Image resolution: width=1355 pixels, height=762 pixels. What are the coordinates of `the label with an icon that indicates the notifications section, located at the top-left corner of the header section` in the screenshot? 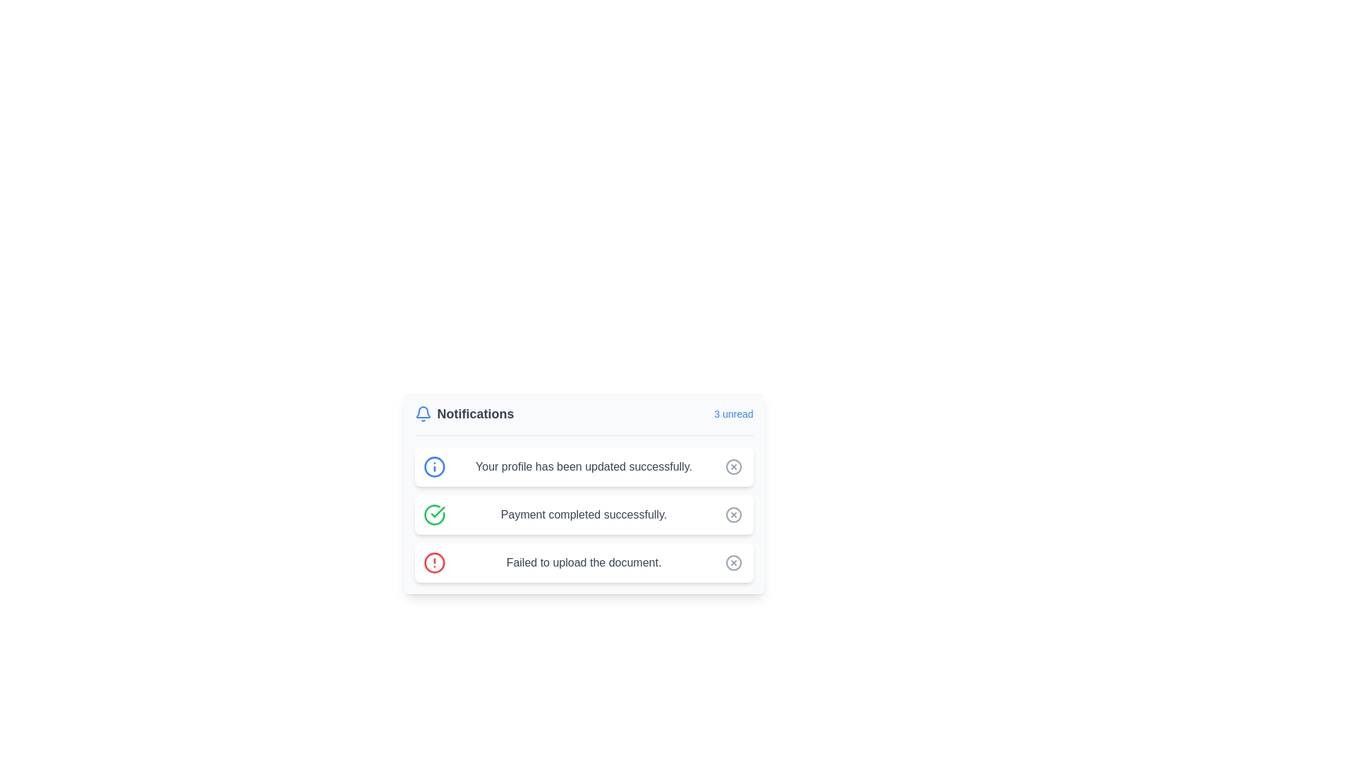 It's located at (464, 413).